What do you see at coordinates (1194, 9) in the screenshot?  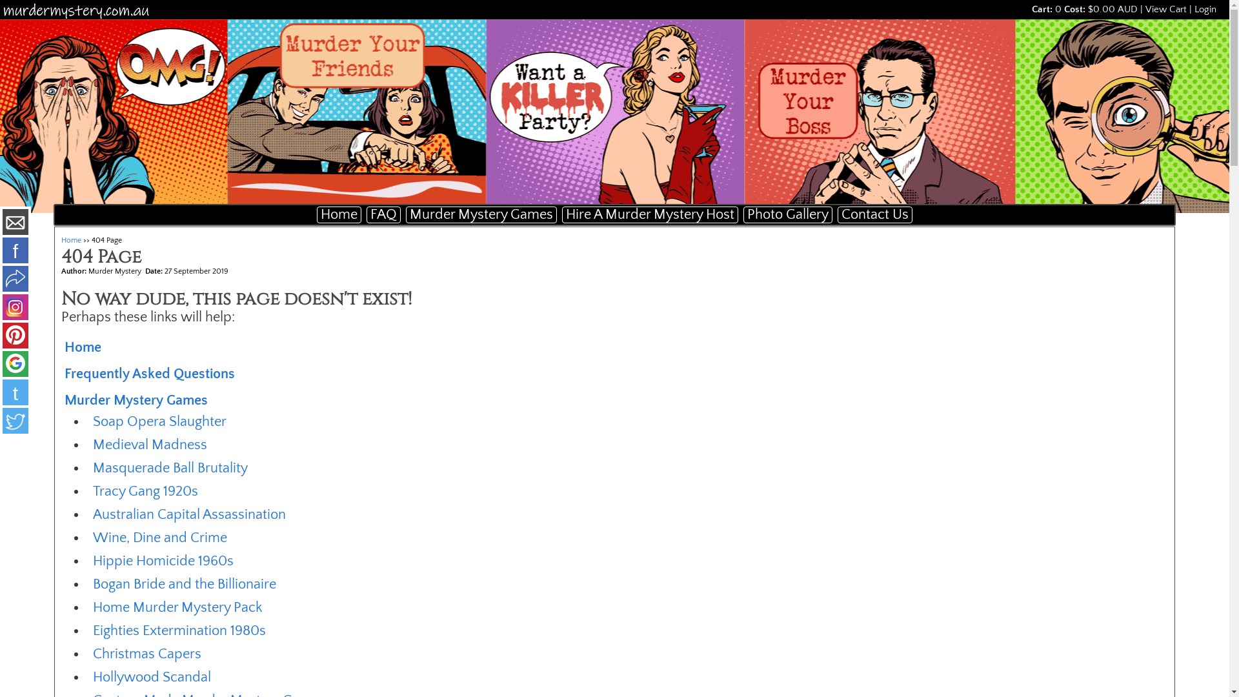 I see `'Login'` at bounding box center [1194, 9].